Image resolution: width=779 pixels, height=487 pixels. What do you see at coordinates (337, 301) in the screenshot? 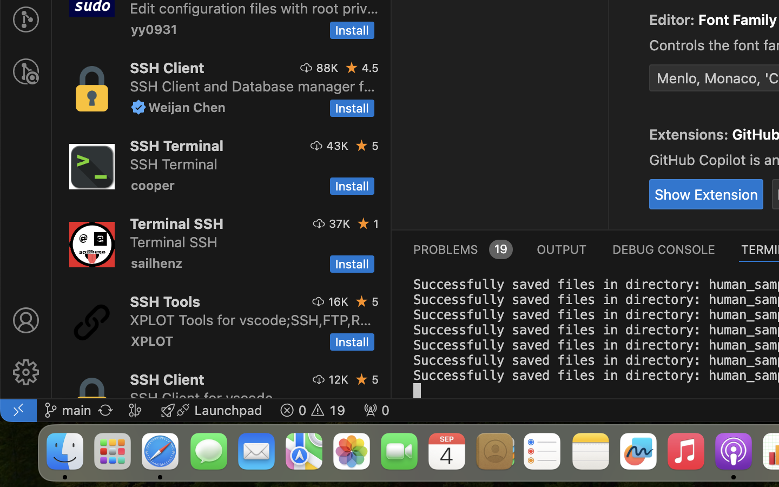
I see `'16K'` at bounding box center [337, 301].